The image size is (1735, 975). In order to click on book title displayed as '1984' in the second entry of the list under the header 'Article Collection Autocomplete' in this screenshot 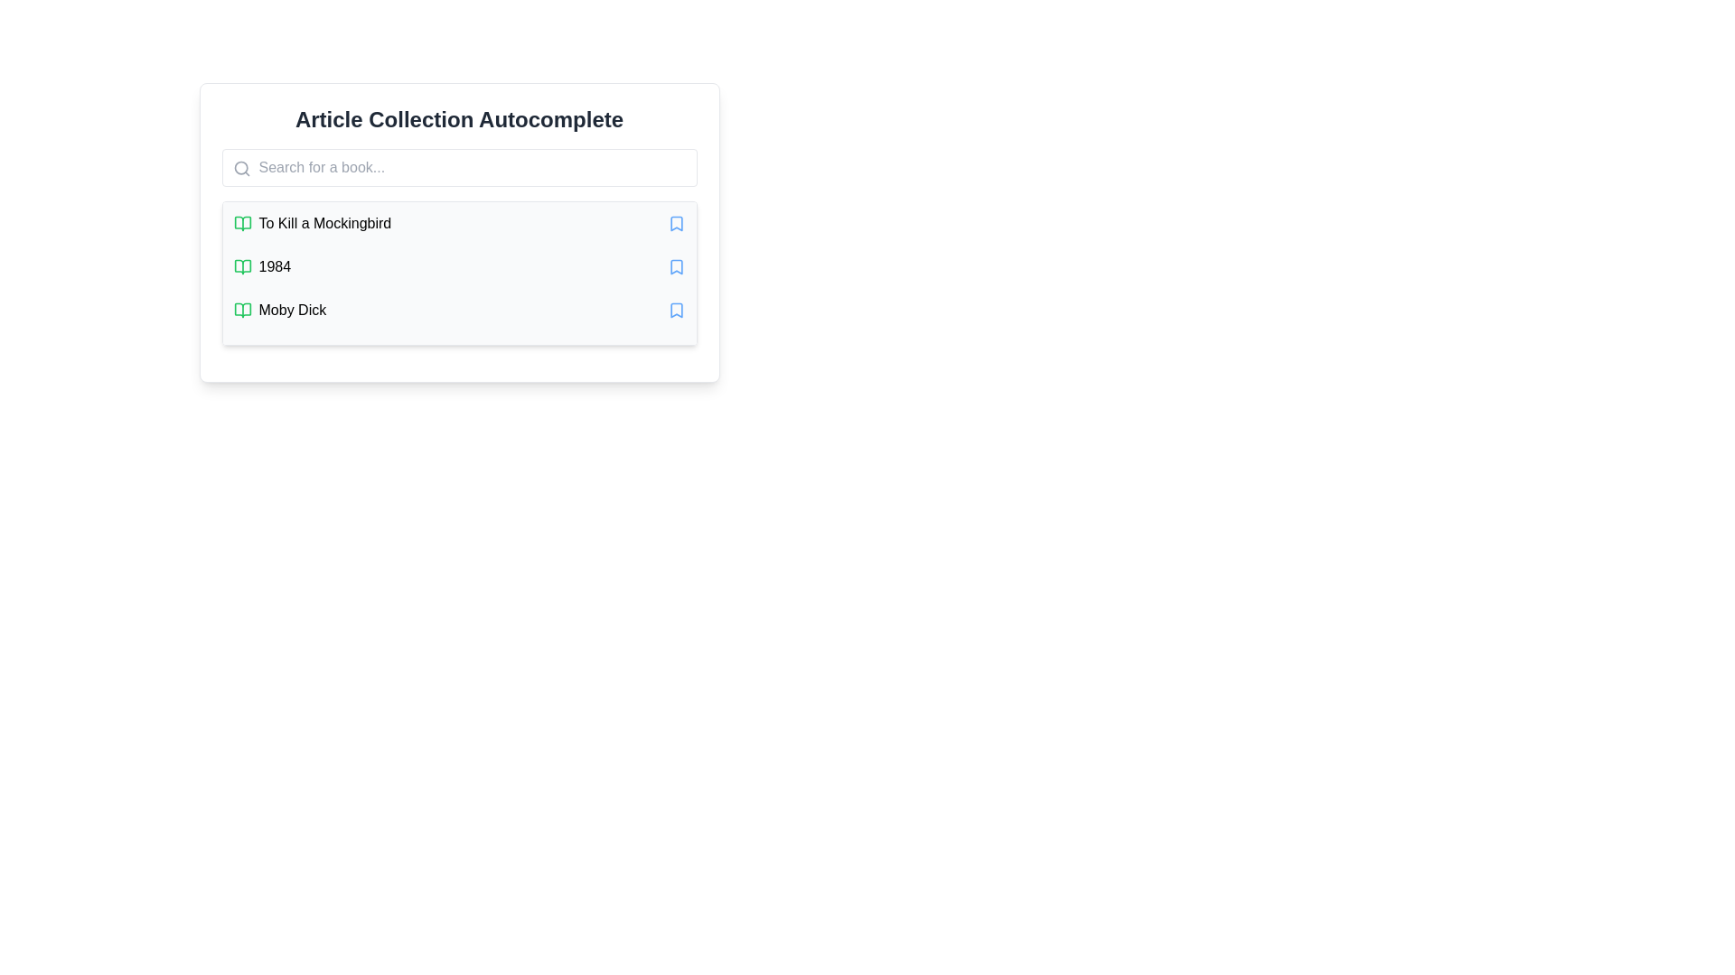, I will do `click(274, 267)`.